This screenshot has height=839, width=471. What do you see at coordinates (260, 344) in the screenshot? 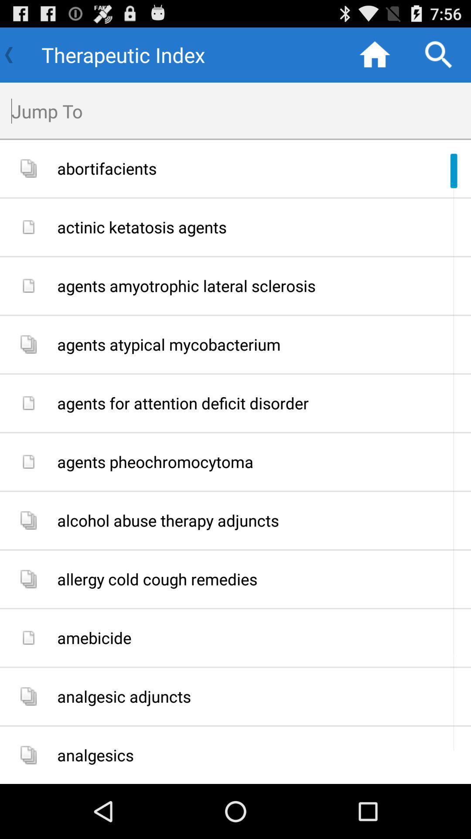
I see `app above agents for attention` at bounding box center [260, 344].